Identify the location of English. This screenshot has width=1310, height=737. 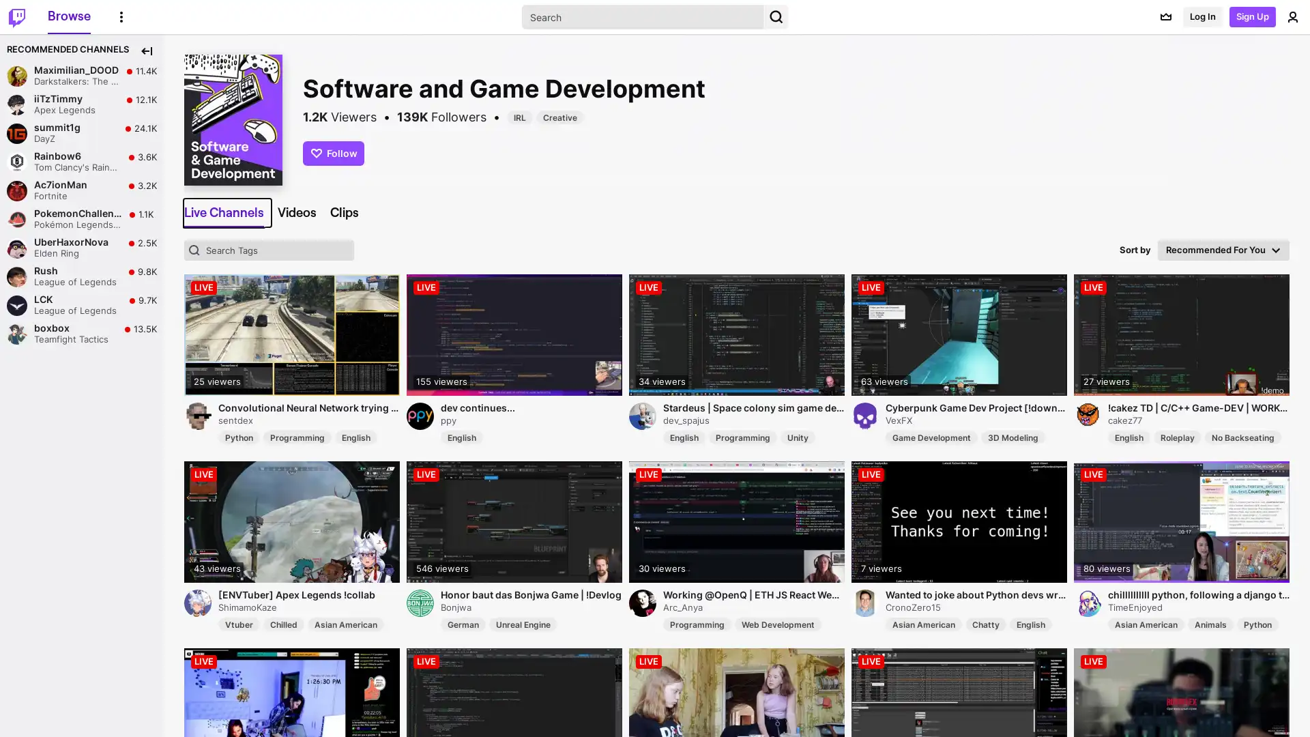
(1129, 437).